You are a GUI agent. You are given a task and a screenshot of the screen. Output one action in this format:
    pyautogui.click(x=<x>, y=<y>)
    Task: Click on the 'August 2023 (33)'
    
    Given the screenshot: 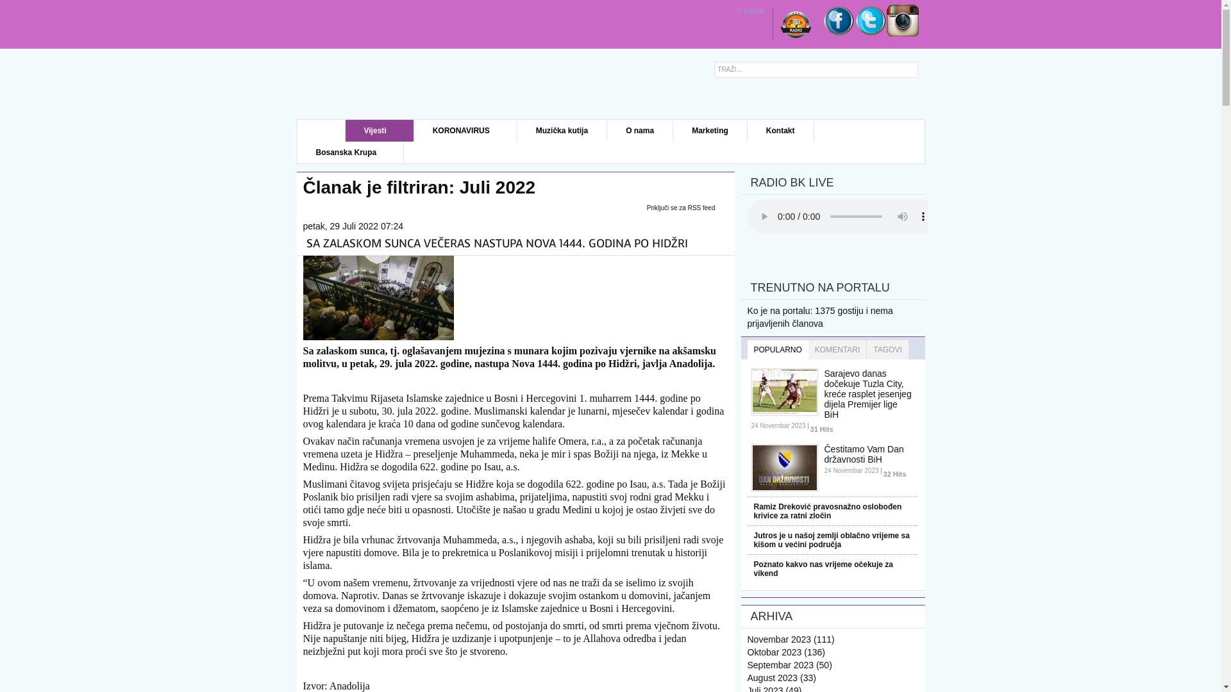 What is the action you would take?
    pyautogui.click(x=781, y=677)
    